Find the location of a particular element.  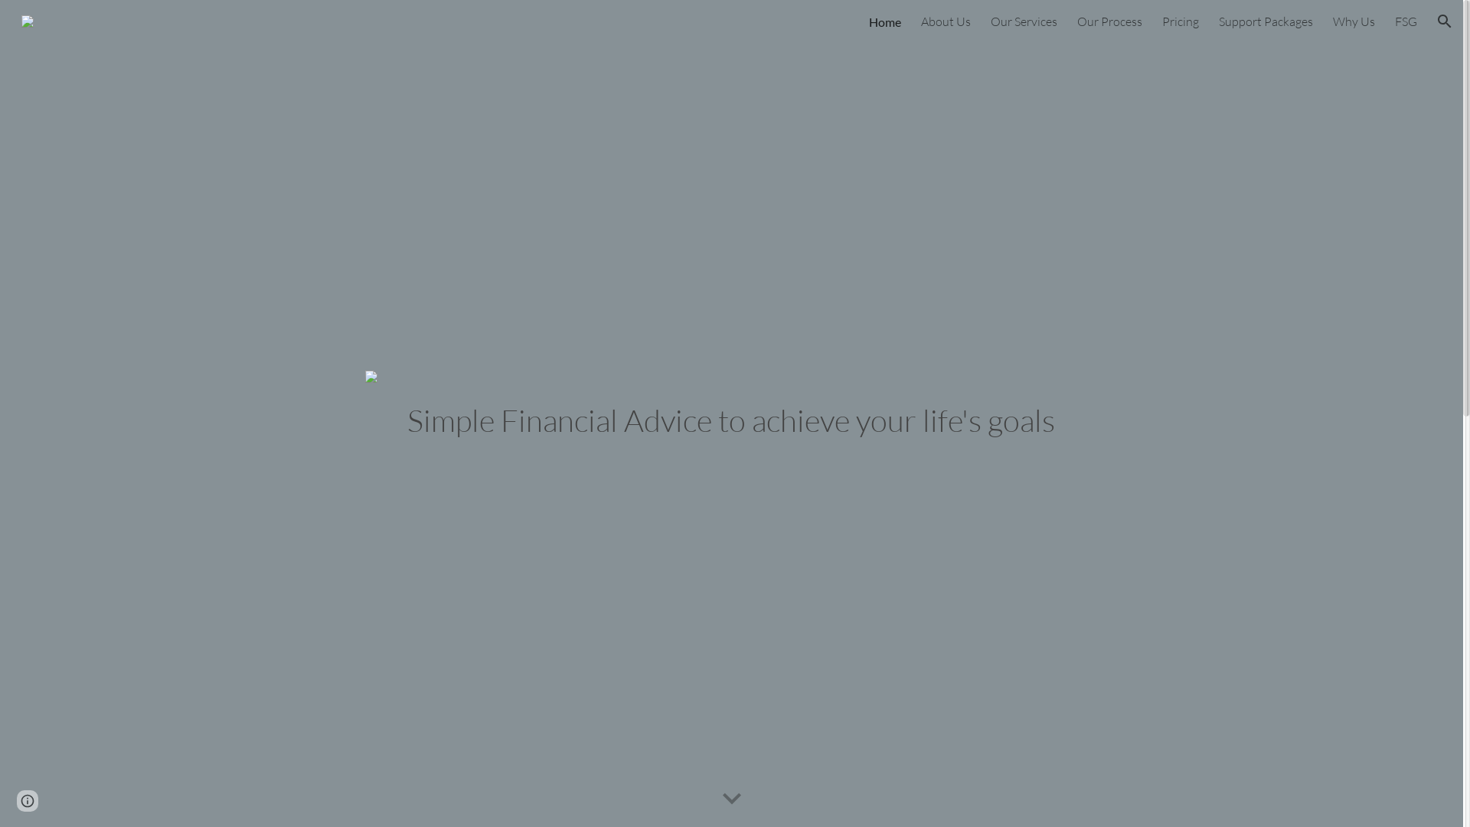

'Why Us' is located at coordinates (1354, 21).